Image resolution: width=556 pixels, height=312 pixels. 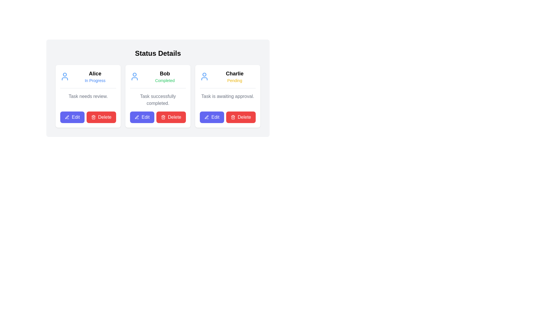 What do you see at coordinates (136, 117) in the screenshot?
I see `the pen icon within the 'Edit' button of the user card for 'Bob'` at bounding box center [136, 117].